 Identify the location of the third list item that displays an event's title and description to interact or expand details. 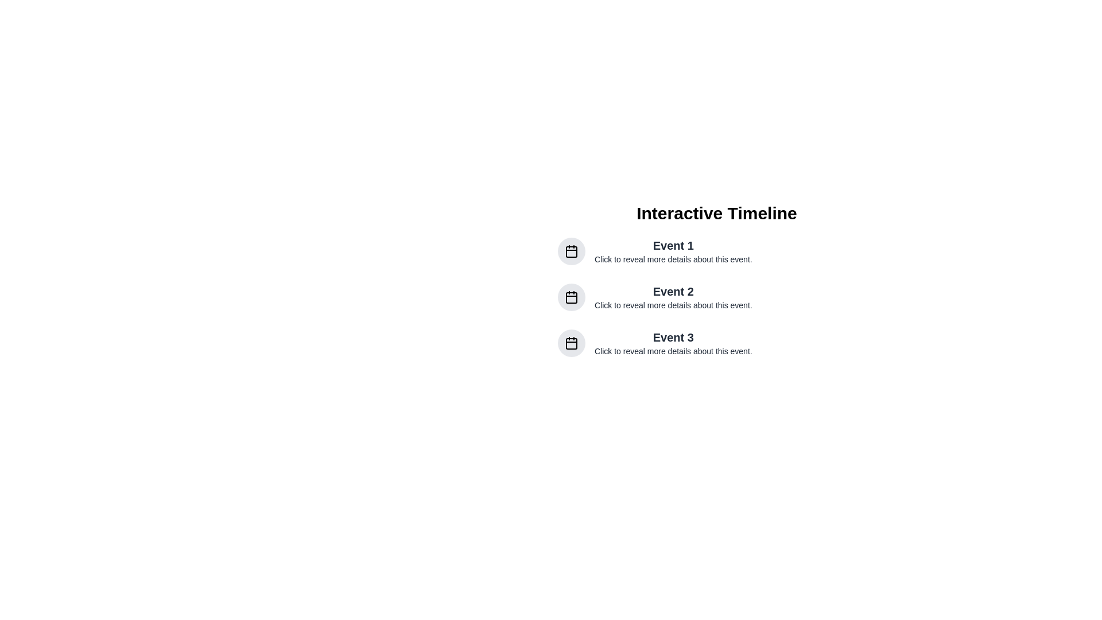
(716, 342).